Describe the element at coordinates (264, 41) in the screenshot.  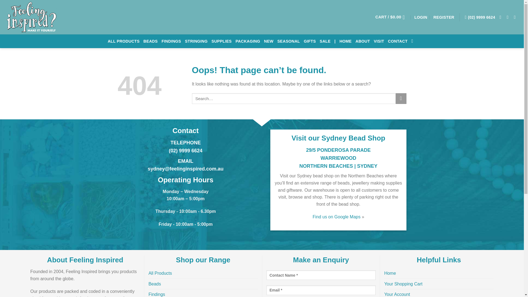
I see `'NEW'` at that location.